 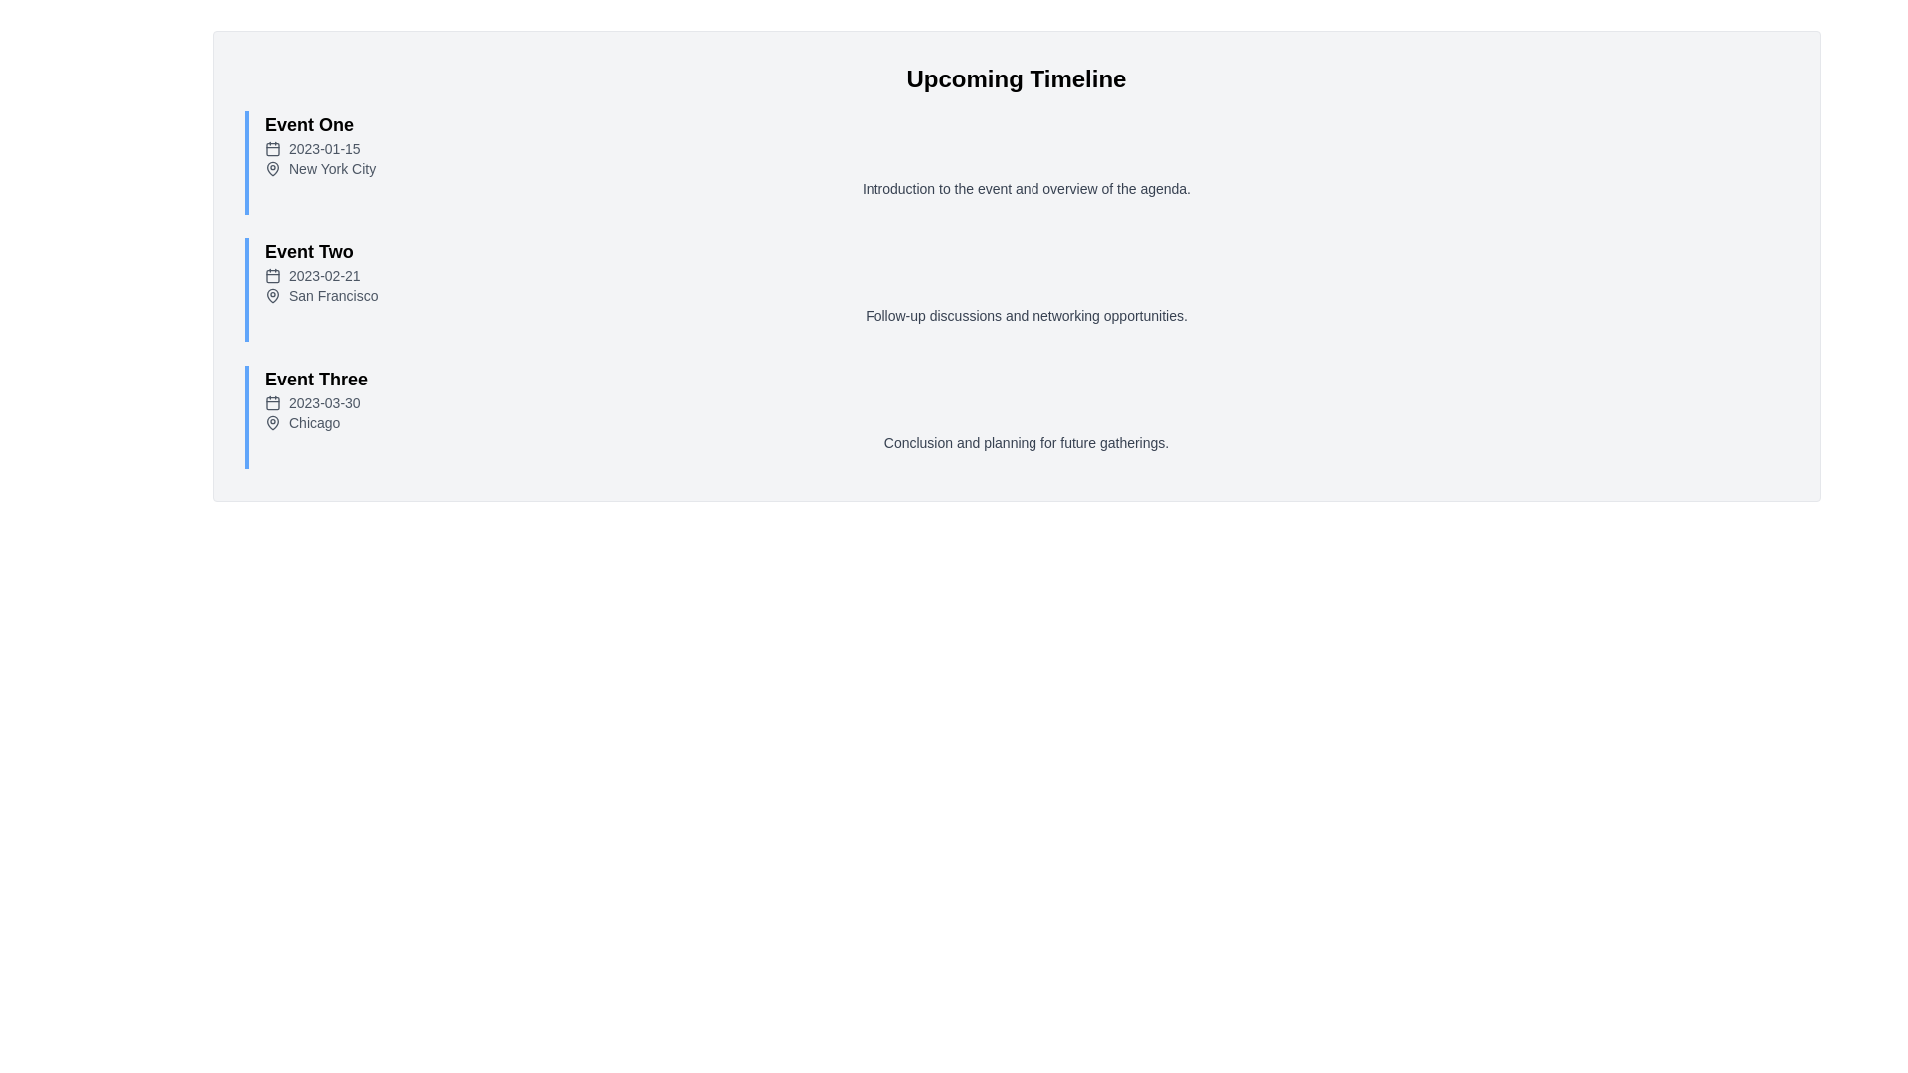 I want to click on the second text element displaying the location for the corresponding event in the 'Event Two' section of the timeline, so click(x=333, y=295).